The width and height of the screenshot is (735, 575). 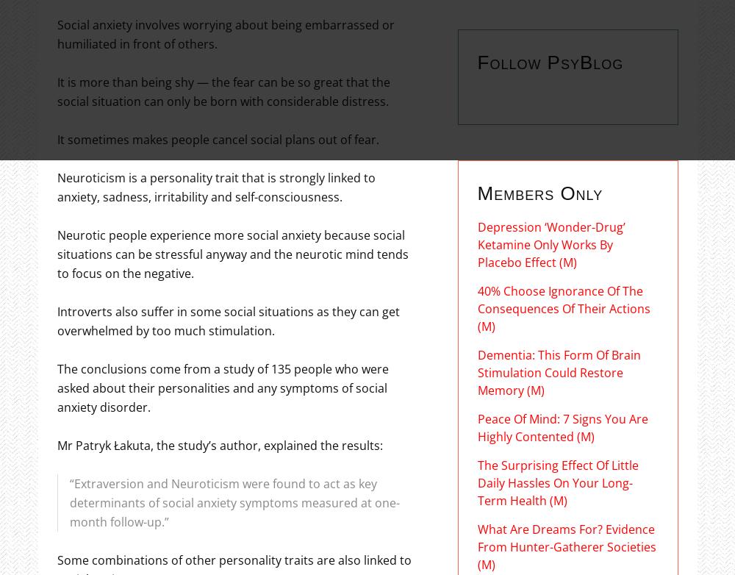 I want to click on 'What Are Dreams For? Evidence From Hunter-Gatherer Societies (M)', so click(x=566, y=546).